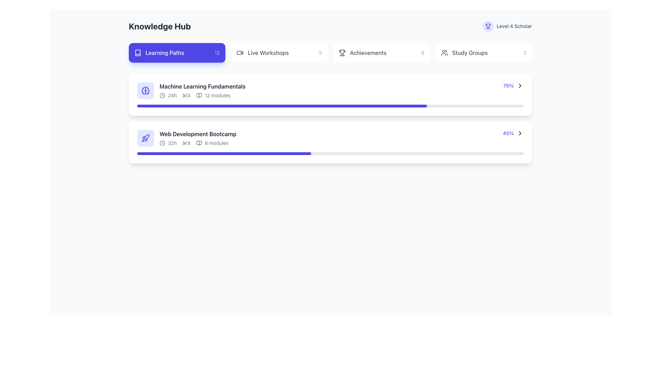 This screenshot has width=672, height=378. I want to click on the 'Achievements' label in the navigation menu, which is styled with medium font weight and positioned next to a trophy icon, so click(368, 52).